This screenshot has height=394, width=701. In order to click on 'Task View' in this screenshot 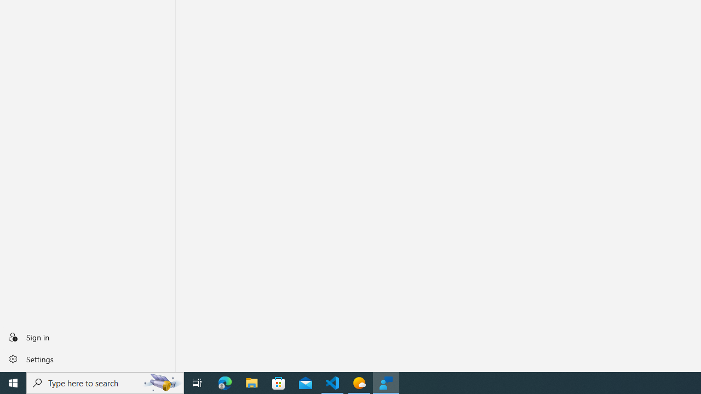, I will do `click(197, 382)`.